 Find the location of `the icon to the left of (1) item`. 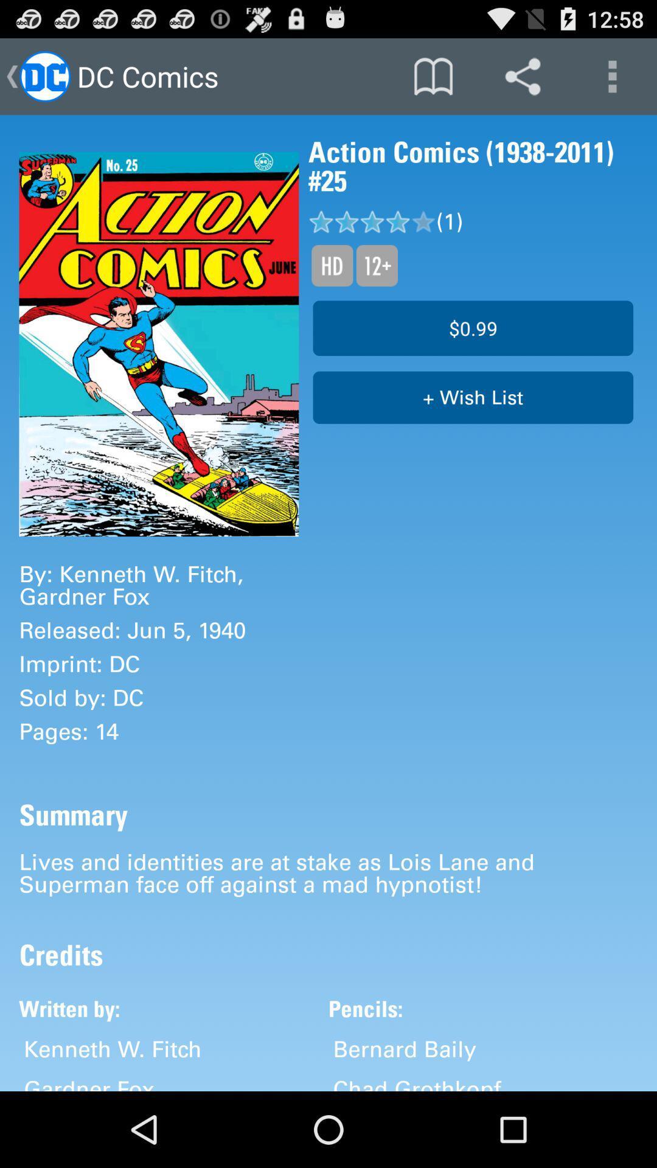

the icon to the left of (1) item is located at coordinates (376, 265).